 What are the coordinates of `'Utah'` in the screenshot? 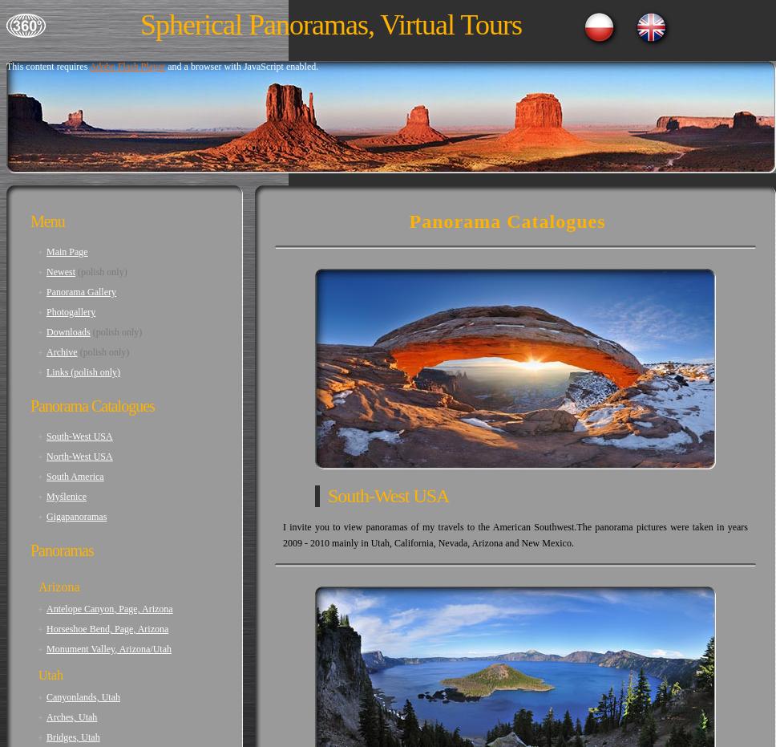 It's located at (50, 674).